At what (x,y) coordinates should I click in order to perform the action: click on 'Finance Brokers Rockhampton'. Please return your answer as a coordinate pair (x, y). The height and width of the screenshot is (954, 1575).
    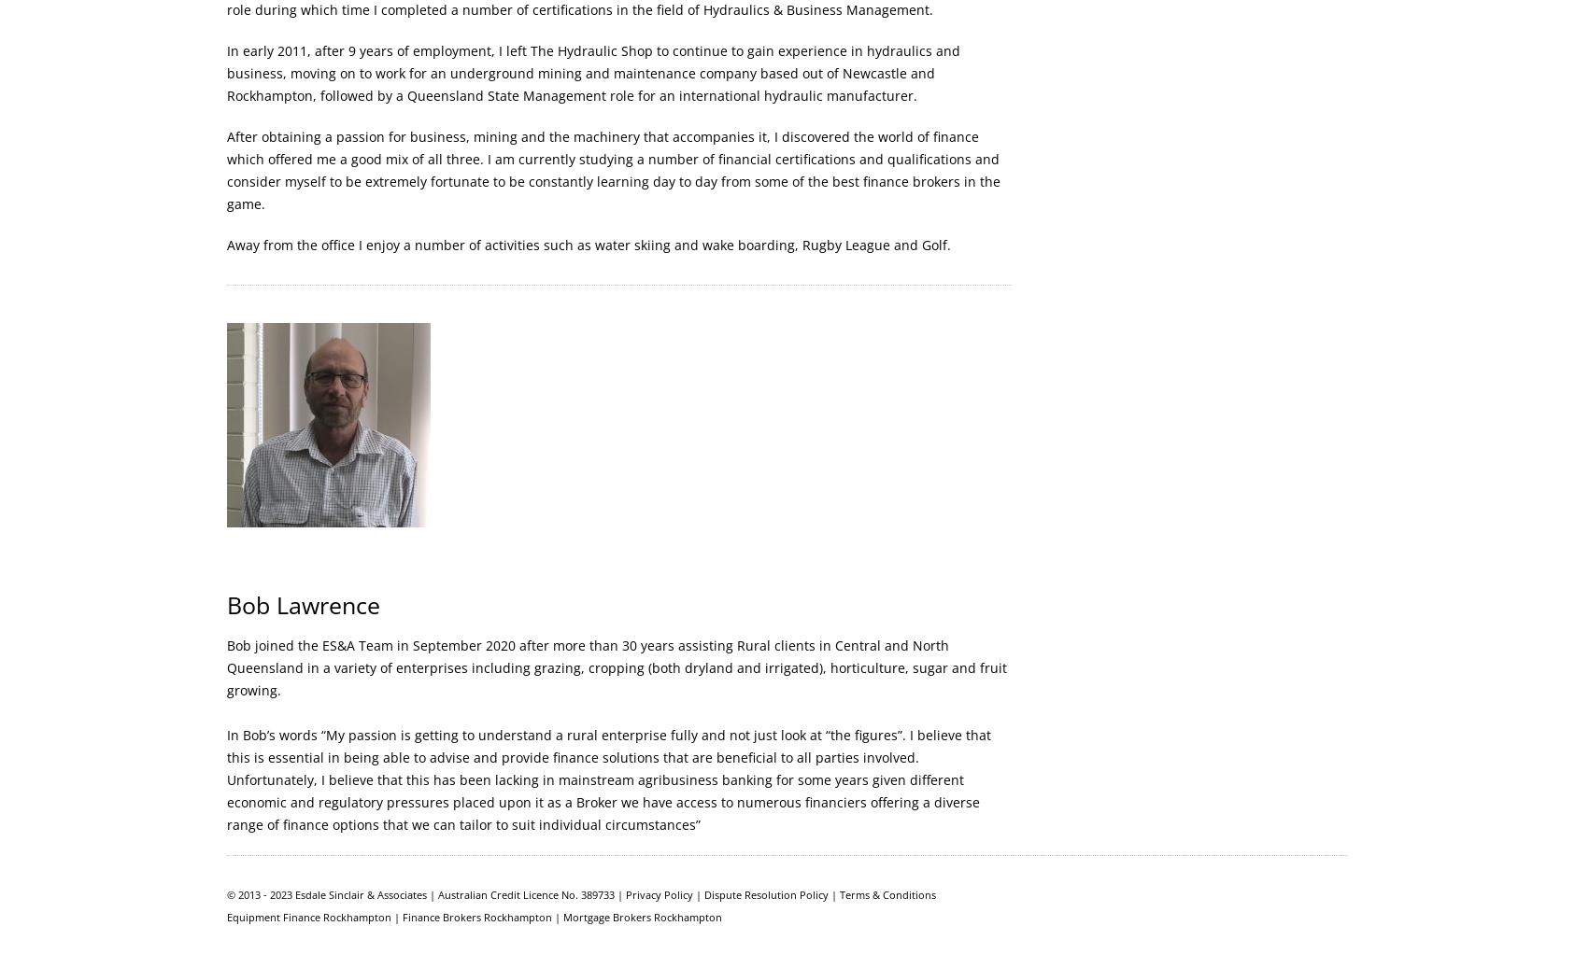
    Looking at the image, I should click on (477, 916).